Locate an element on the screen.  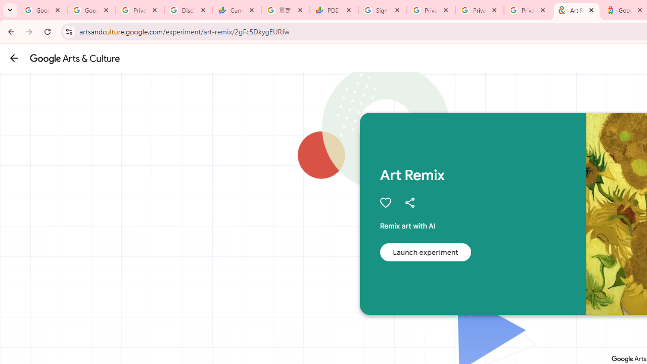
'Google Arts & Culture' is located at coordinates (74, 58).